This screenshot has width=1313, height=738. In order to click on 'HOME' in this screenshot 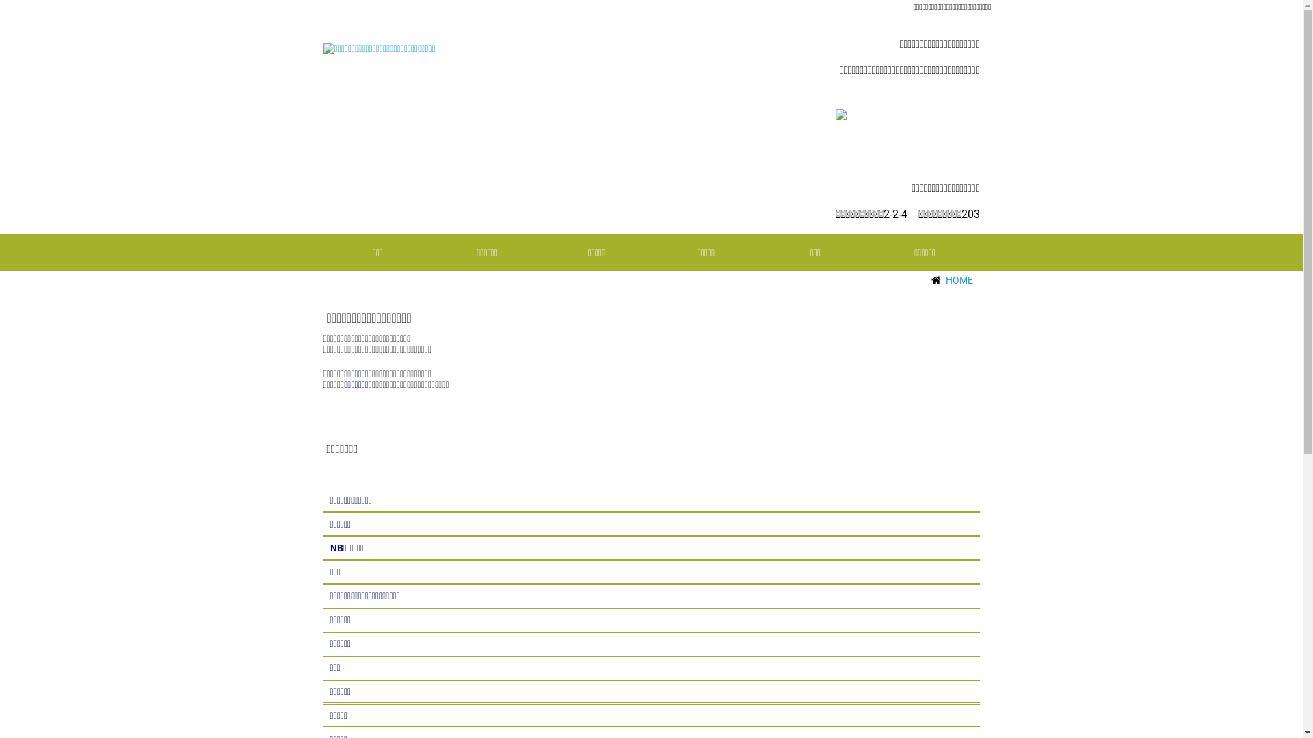, I will do `click(944, 279)`.